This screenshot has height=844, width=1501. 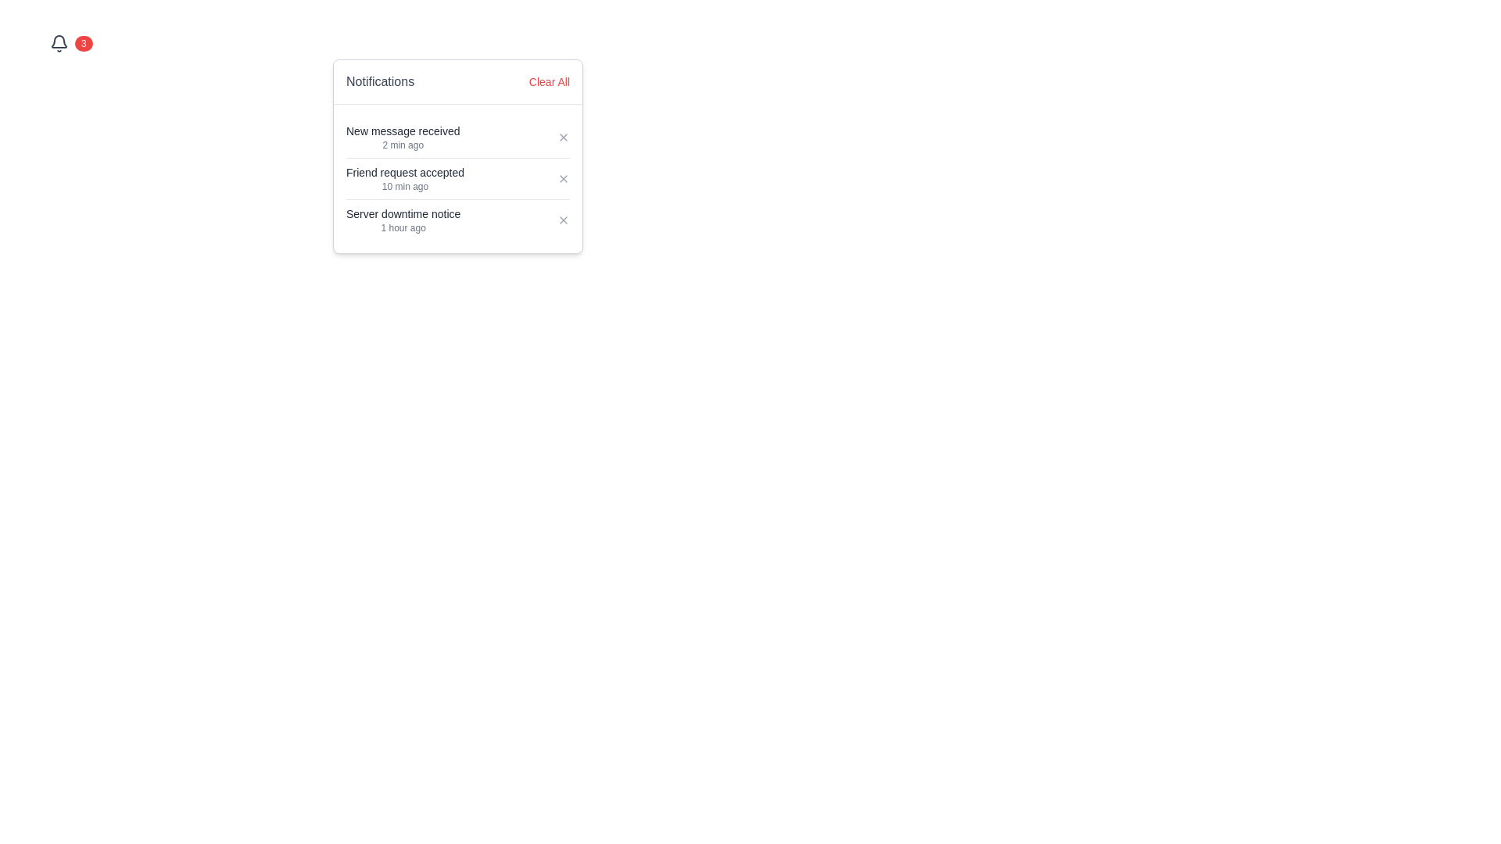 What do you see at coordinates (403, 137) in the screenshot?
I see `the notification item that displays 'New message received' and '2 min ago' in the notification panel` at bounding box center [403, 137].